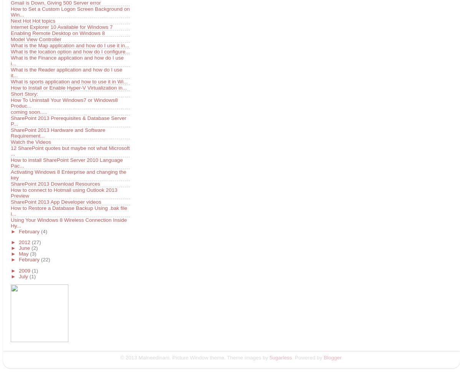 The width and height of the screenshot is (460, 374). What do you see at coordinates (64, 102) in the screenshot?
I see `'How To Uninstall Your Windows7 or Windows8  Produc...'` at bounding box center [64, 102].